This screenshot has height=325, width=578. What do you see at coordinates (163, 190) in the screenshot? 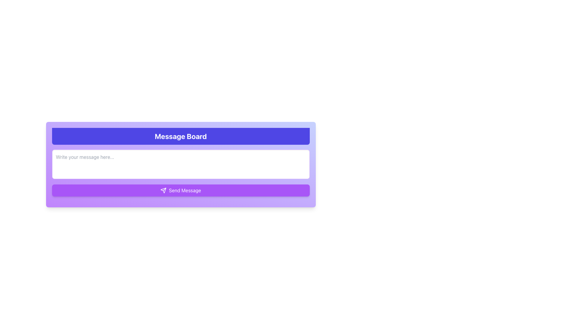
I see `the triangular arrow-like icon styled as a paper plane located within the 'Send Message' button at the bottom of the interface` at bounding box center [163, 190].